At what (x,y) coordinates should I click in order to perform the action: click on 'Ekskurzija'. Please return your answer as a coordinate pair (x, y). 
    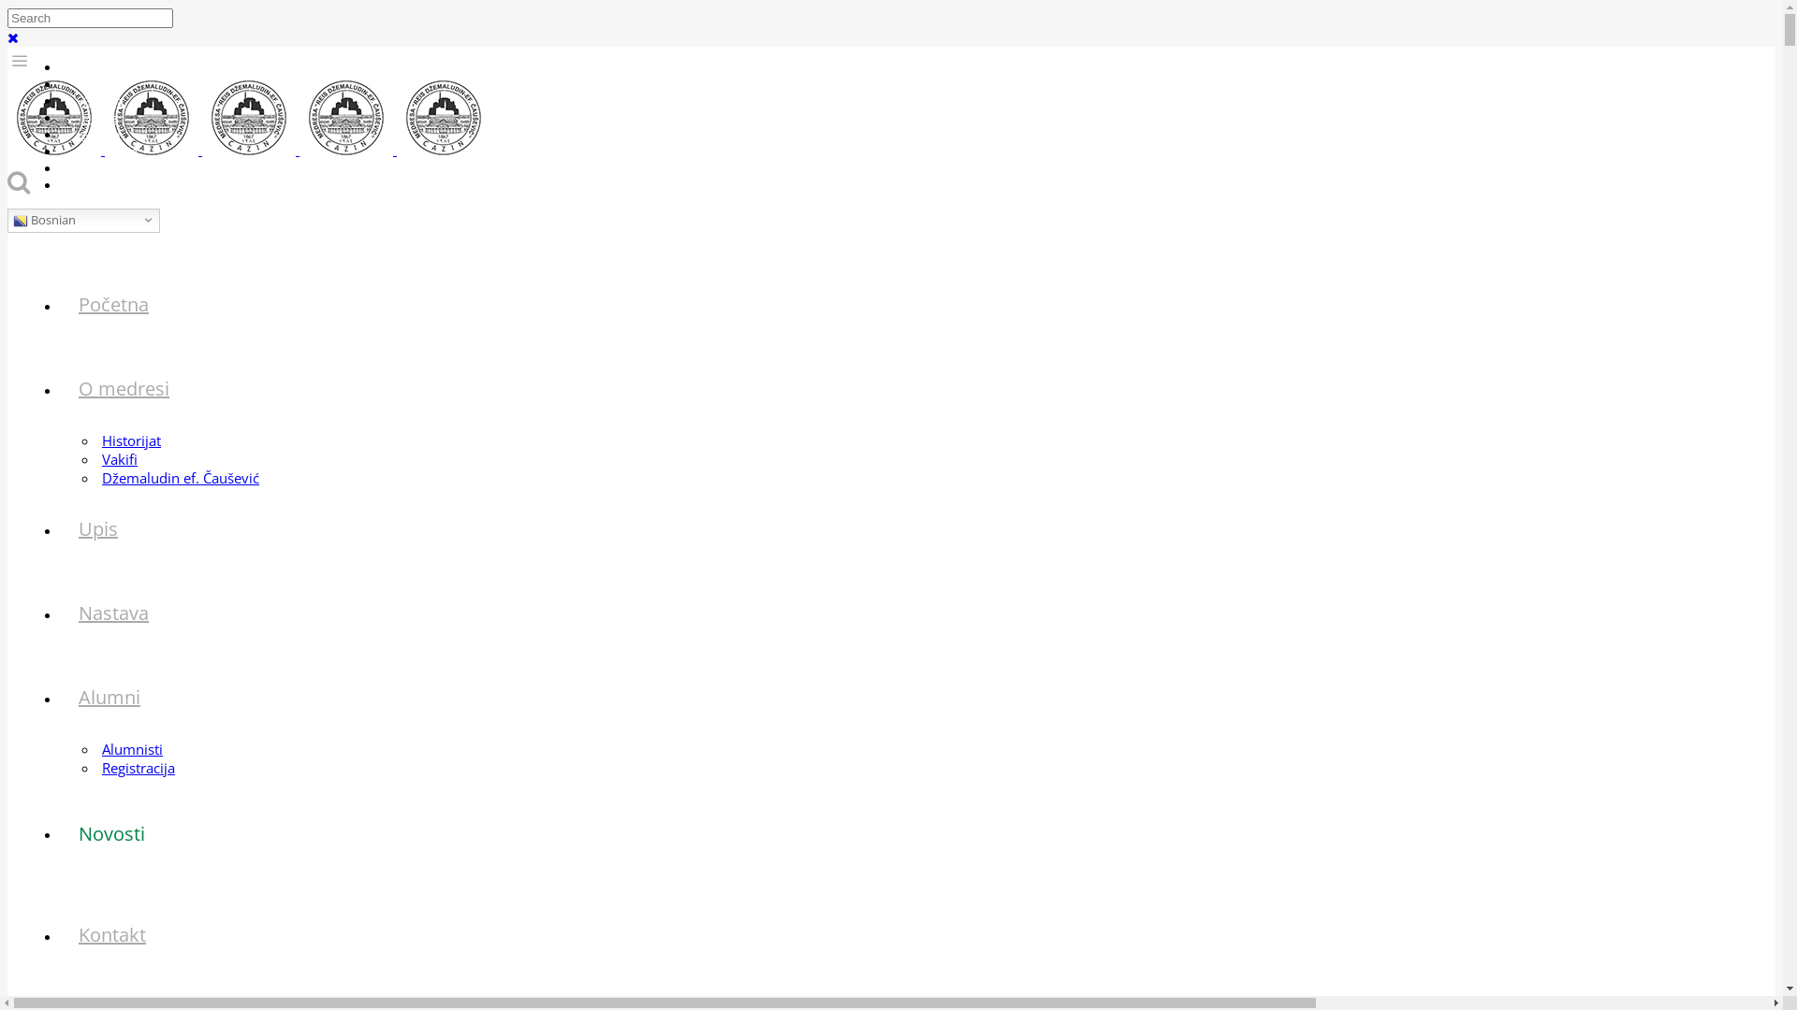
    Looking at the image, I should click on (98, 151).